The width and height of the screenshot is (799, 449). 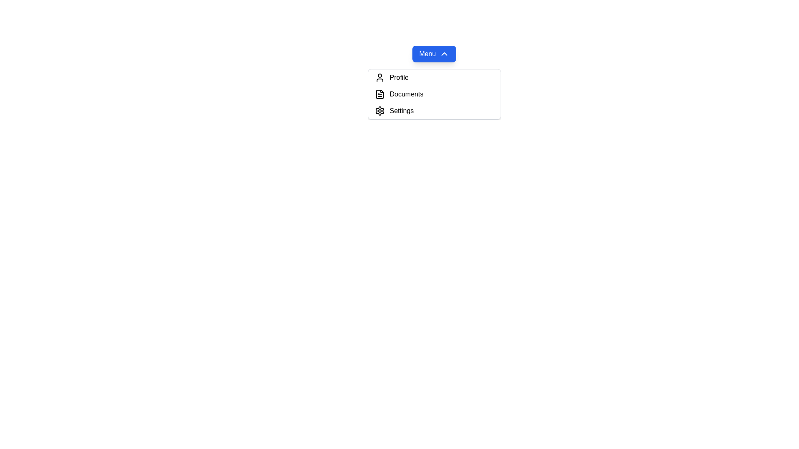 What do you see at coordinates (379, 110) in the screenshot?
I see `the gear icon at the bottom of the dropdown menu adjacent to the 'Settings' text` at bounding box center [379, 110].